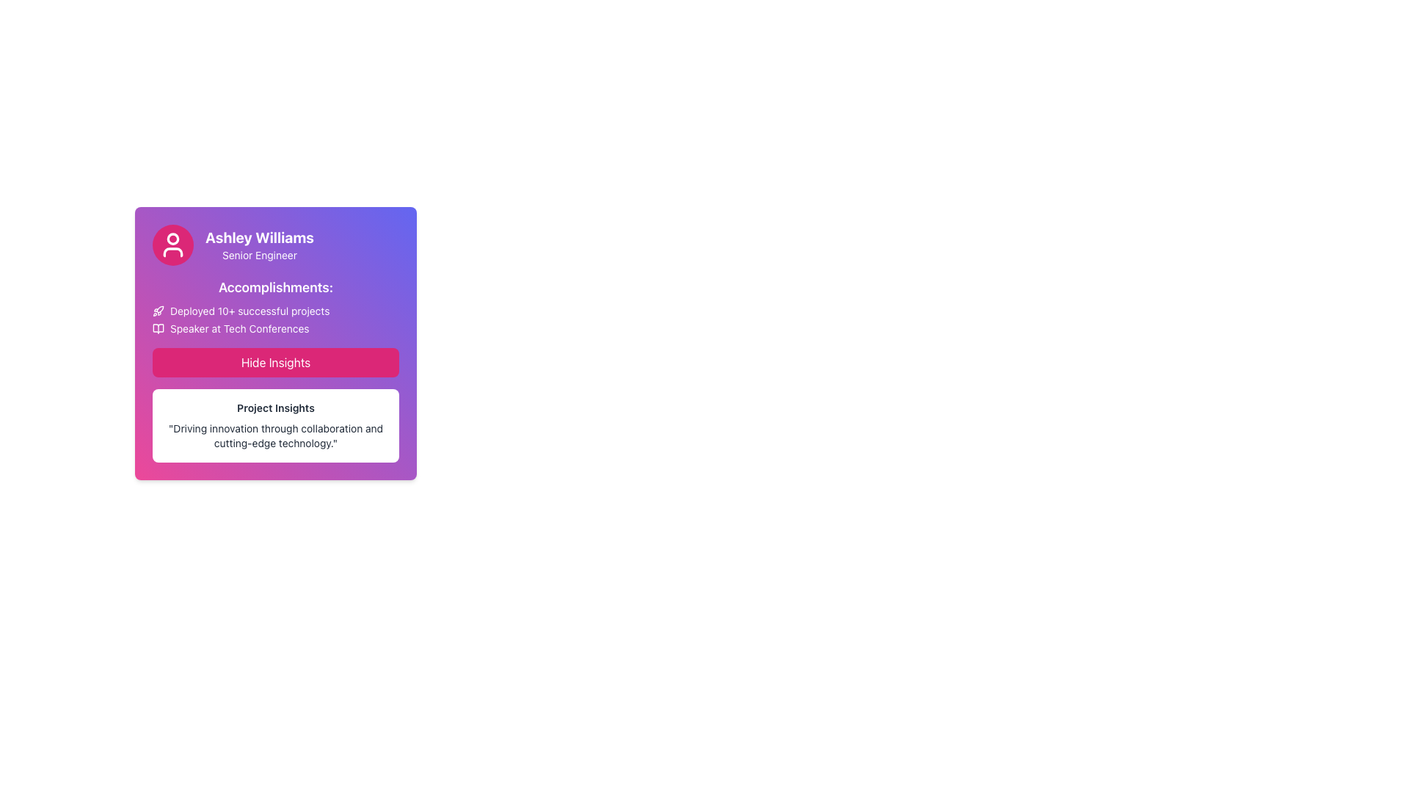  What do you see at coordinates (275, 327) in the screenshot?
I see `the Text with Icon that reads 'Speaker at Tech Conferences', which is styled in white on a purple background and features an icon resembling an open book` at bounding box center [275, 327].